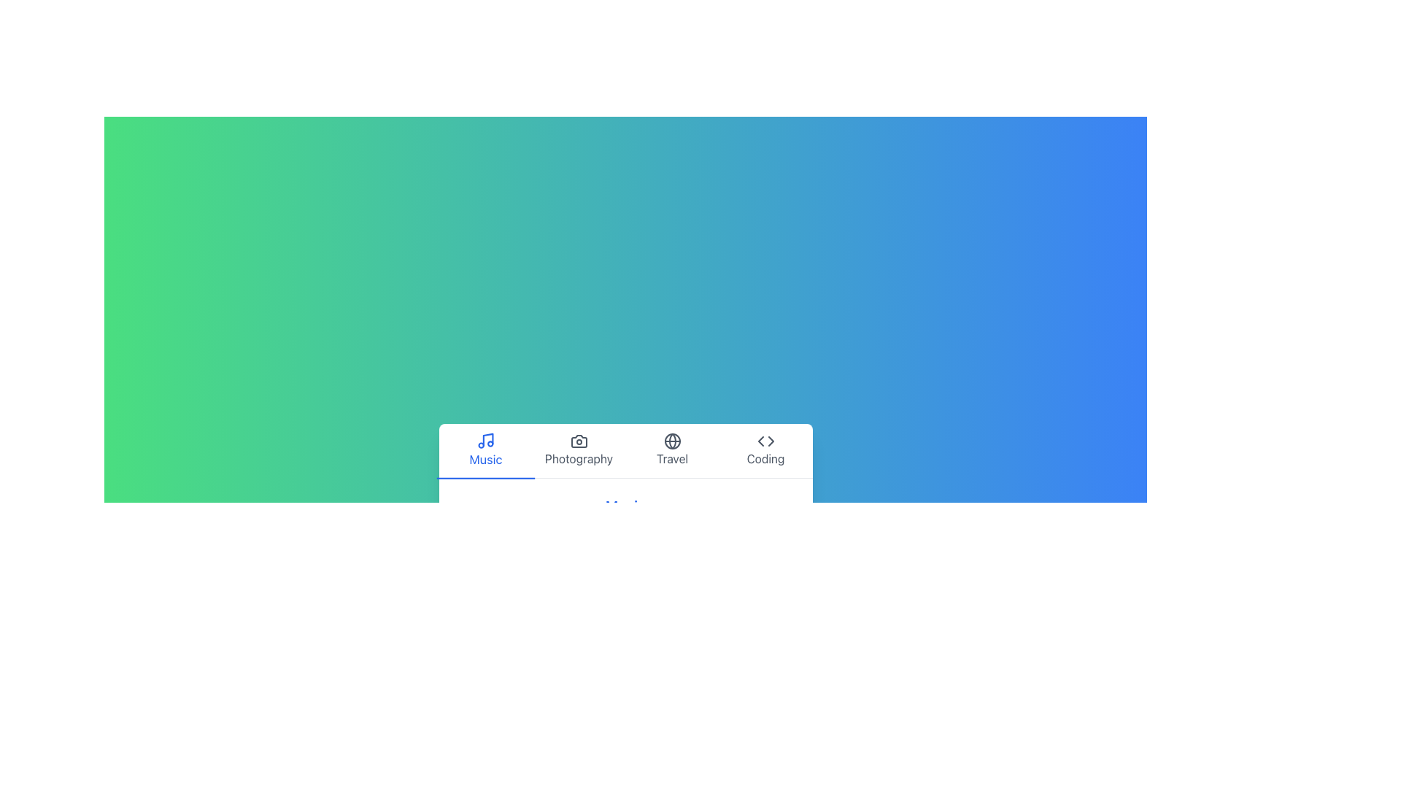  I want to click on the 'Photography' button, which is the second item in a horizontal list of buttons, so click(578, 449).